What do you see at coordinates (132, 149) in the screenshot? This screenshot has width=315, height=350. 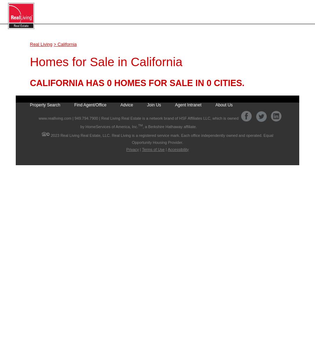 I see `'Privacy'` at bounding box center [132, 149].